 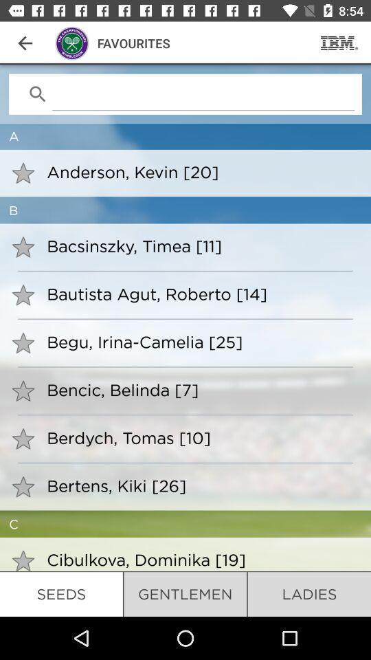 I want to click on icon next to seeds icon, so click(x=185, y=593).